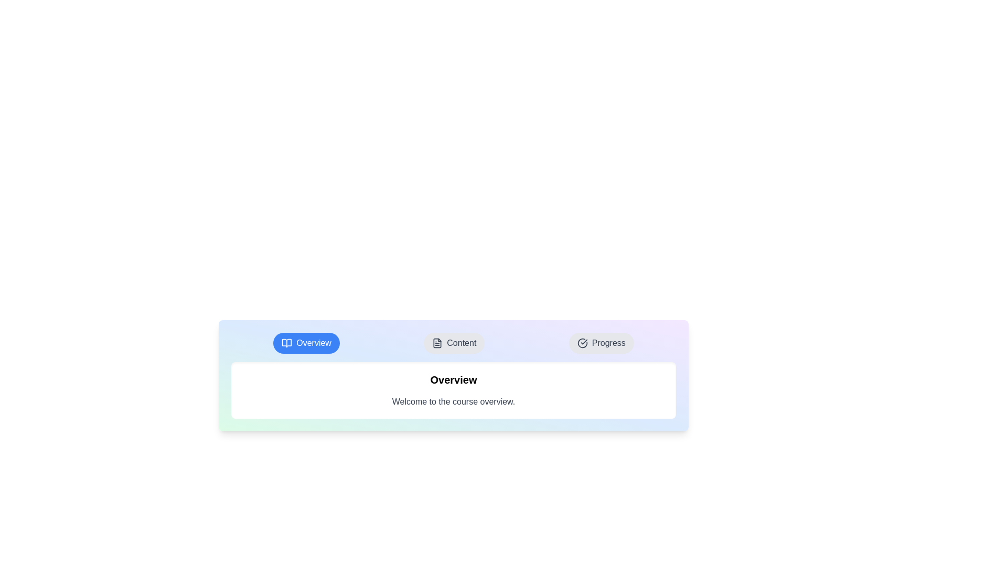  Describe the element at coordinates (454, 343) in the screenshot. I see `the Content tab in the CourseManagementTabs component` at that location.